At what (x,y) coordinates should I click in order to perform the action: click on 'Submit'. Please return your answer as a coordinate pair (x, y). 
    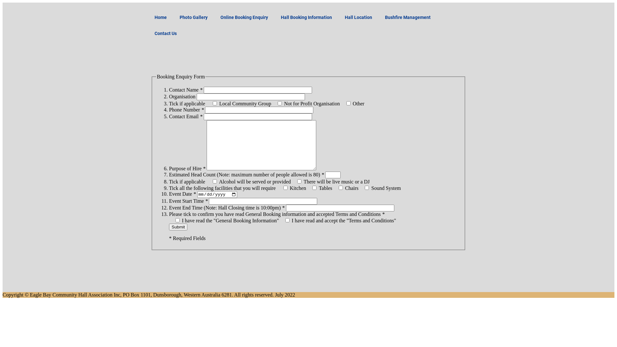
    Looking at the image, I should click on (178, 227).